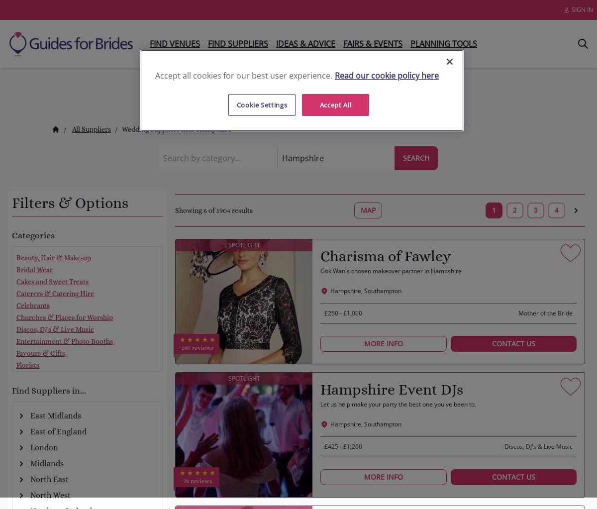 This screenshot has height=509, width=597. What do you see at coordinates (58, 431) in the screenshot?
I see `'East of England'` at bounding box center [58, 431].